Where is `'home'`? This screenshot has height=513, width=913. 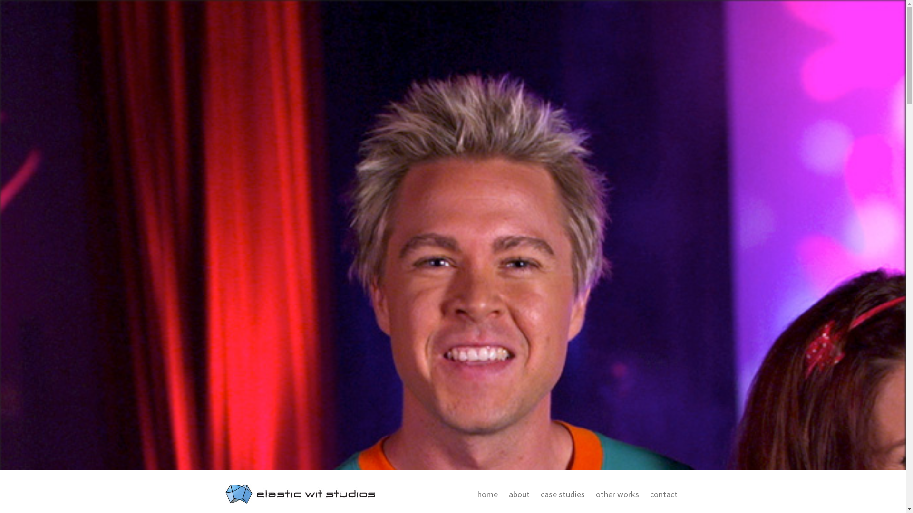
'home' is located at coordinates (486, 494).